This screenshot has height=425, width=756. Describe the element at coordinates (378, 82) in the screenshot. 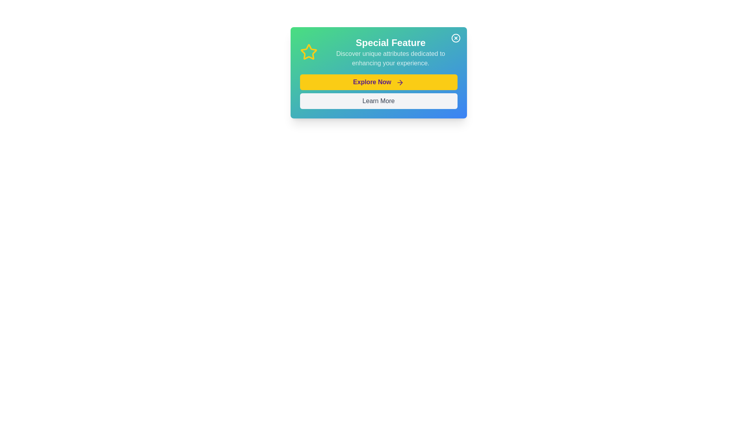

I see `the yellow button labeled 'Explore Now' with bold purple text and a right-arrow icon` at that location.